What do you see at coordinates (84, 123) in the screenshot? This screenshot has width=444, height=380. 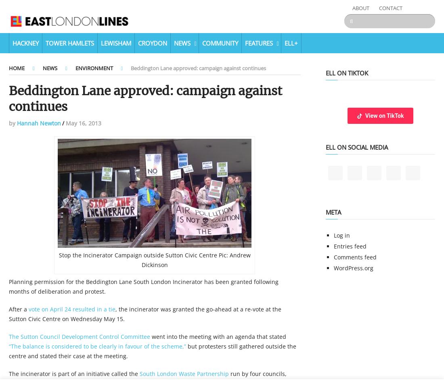 I see `'May 16, 2013'` at bounding box center [84, 123].